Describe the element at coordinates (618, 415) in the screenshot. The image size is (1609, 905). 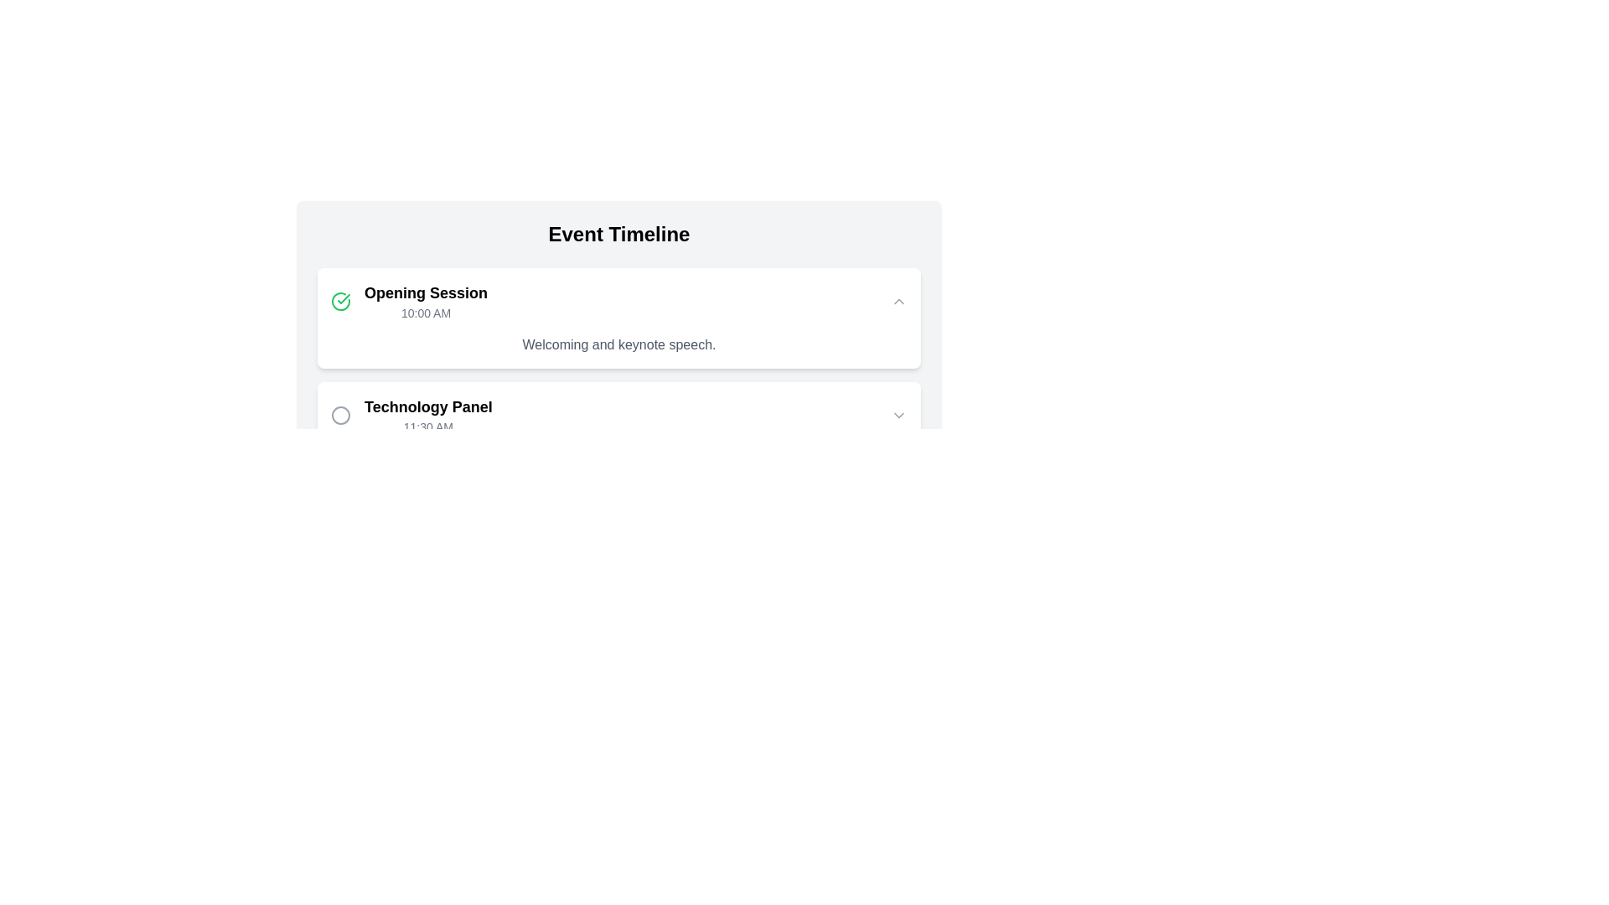
I see `the 'Technology Panel' timeline entry, which is the second item in the list` at that location.